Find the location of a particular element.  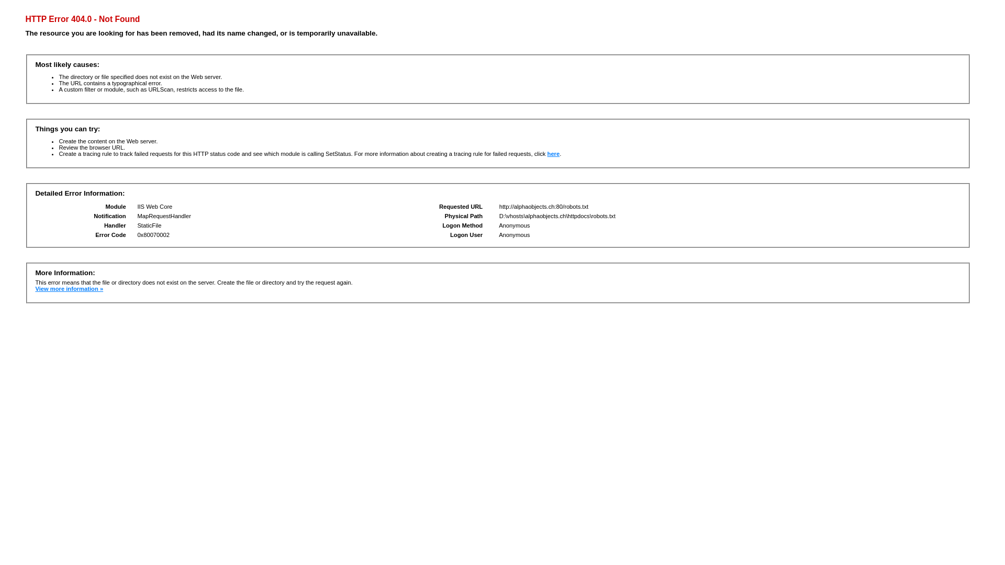

'here' is located at coordinates (553, 153).